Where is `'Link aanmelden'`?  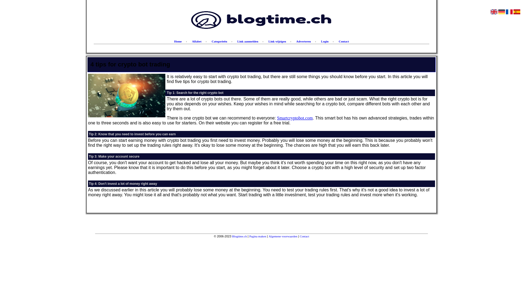
'Link aanmelden' is located at coordinates (247, 41).